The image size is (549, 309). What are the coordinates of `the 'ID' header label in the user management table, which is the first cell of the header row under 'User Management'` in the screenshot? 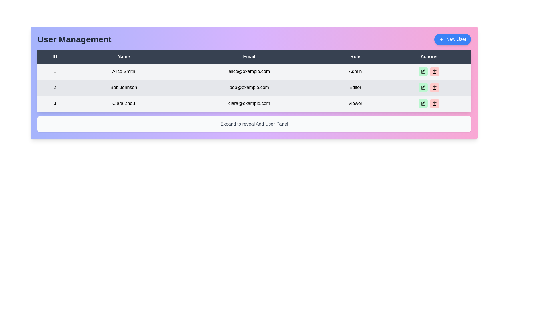 It's located at (55, 56).